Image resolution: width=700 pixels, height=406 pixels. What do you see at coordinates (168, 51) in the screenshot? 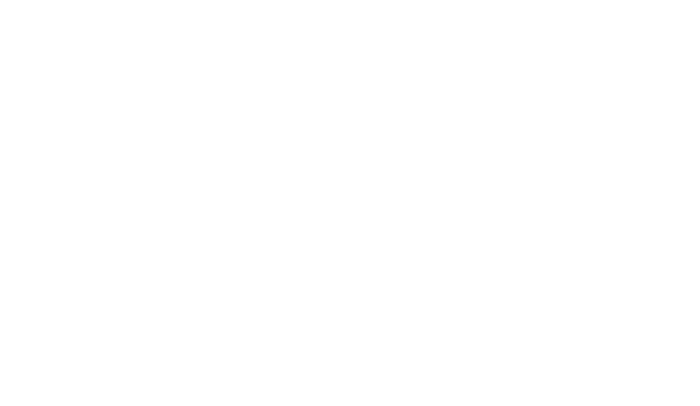
I see `'Spotted par Diane'` at bounding box center [168, 51].